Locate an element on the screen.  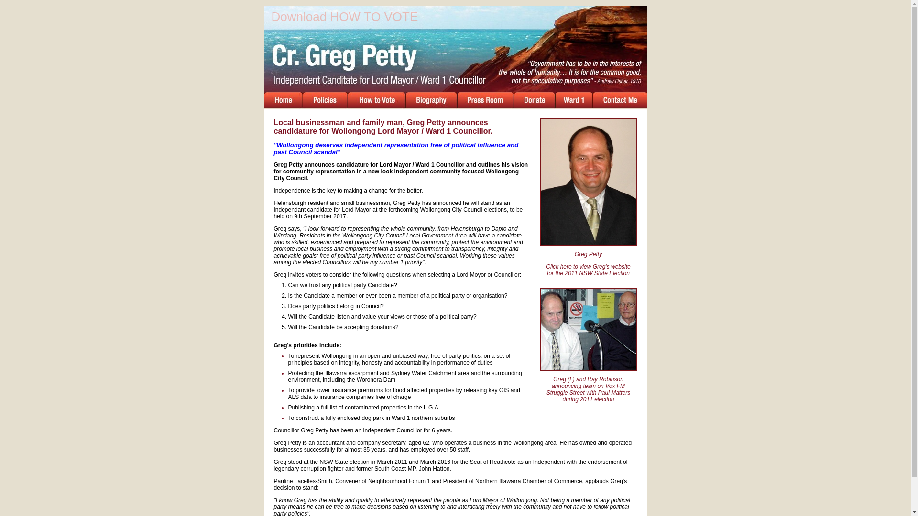
'Download HOW TO VOTE' is located at coordinates (344, 17).